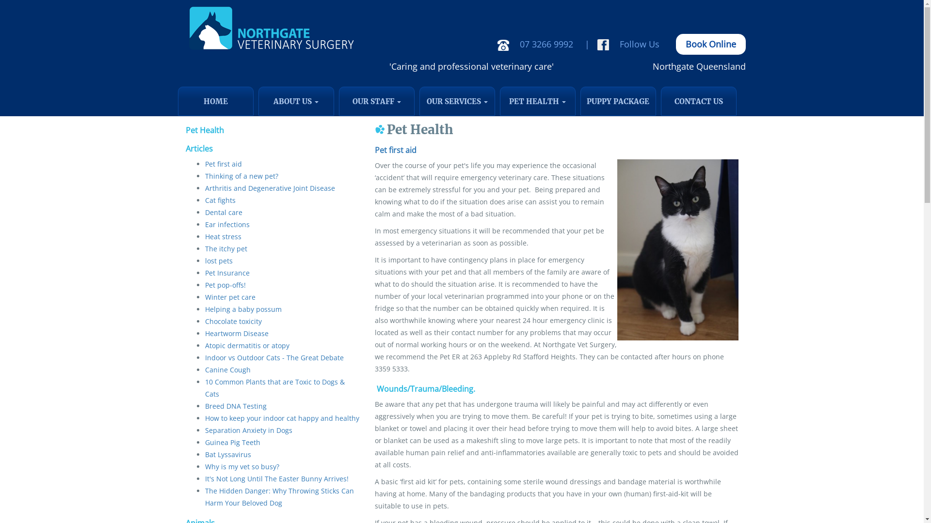 Image resolution: width=931 pixels, height=523 pixels. What do you see at coordinates (227, 369) in the screenshot?
I see `'Canine Cough'` at bounding box center [227, 369].